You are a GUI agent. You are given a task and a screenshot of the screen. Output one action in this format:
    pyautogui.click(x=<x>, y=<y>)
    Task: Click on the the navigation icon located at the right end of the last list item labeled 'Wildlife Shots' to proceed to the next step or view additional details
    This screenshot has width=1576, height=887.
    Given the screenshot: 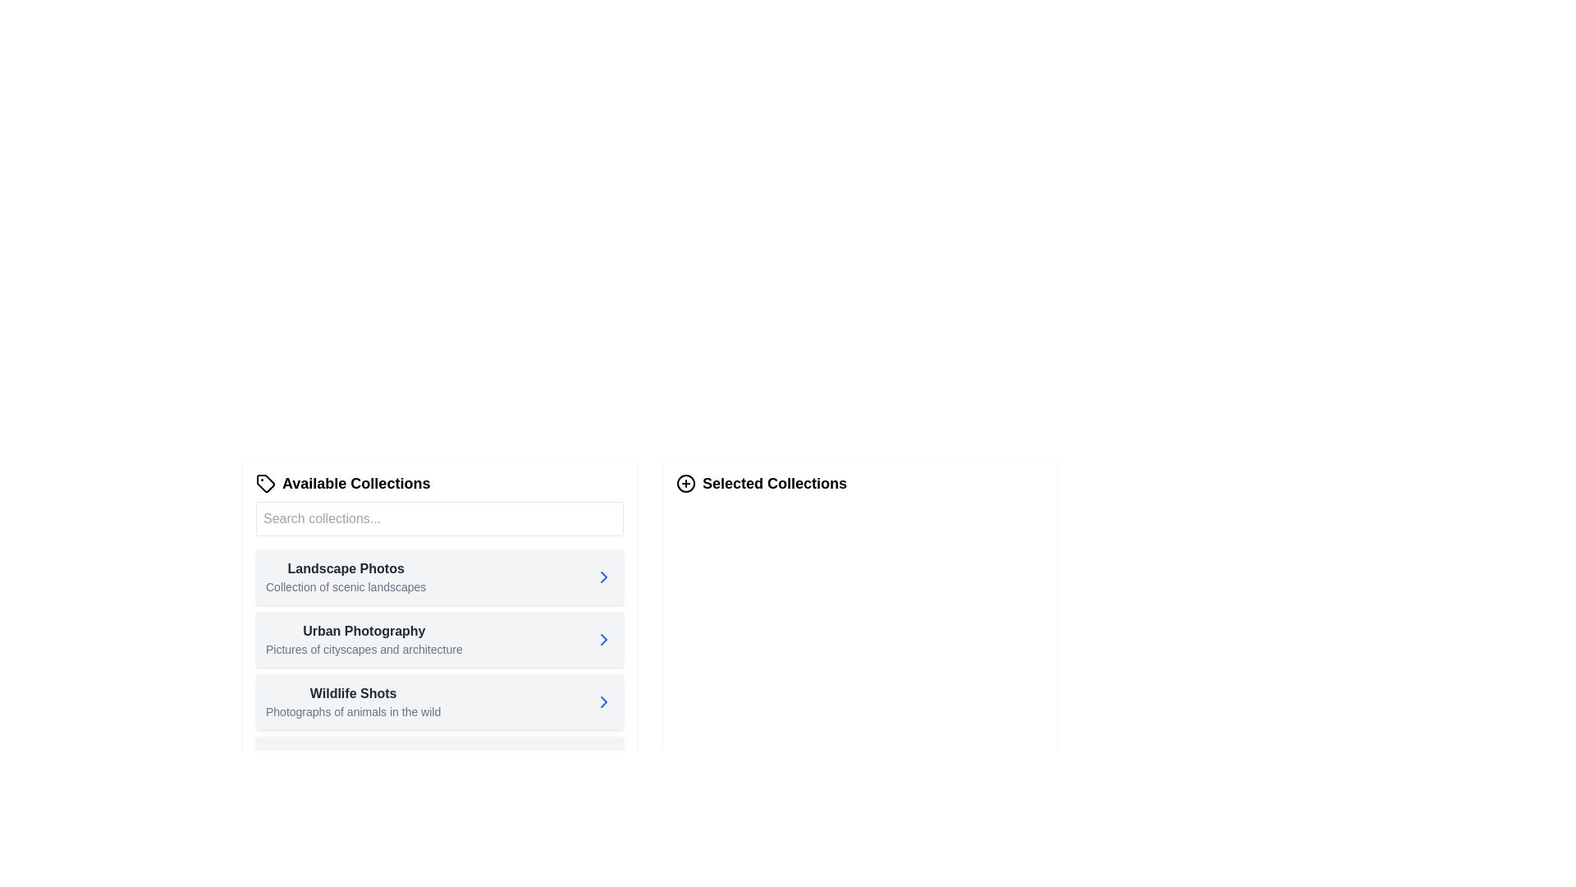 What is the action you would take?
    pyautogui.click(x=602, y=702)
    